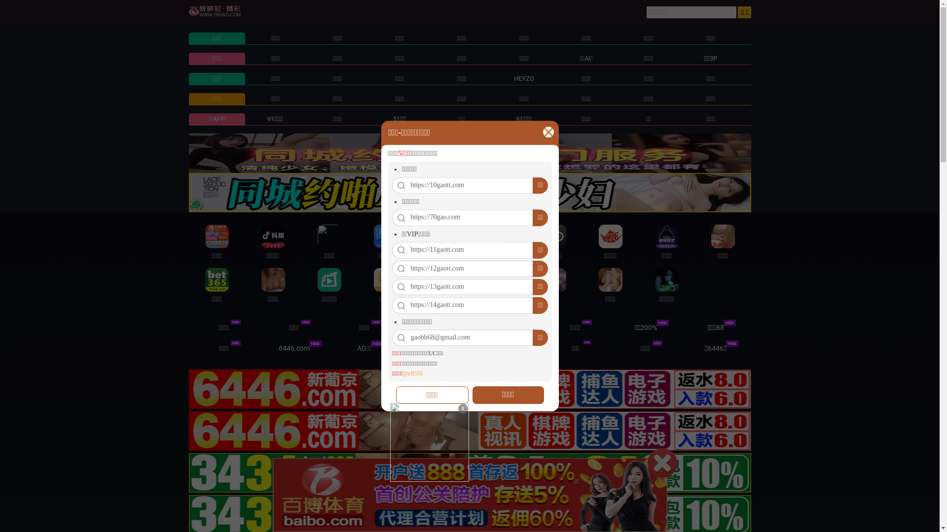 The width and height of the screenshot is (947, 532). I want to click on '6446.com', so click(293, 347).